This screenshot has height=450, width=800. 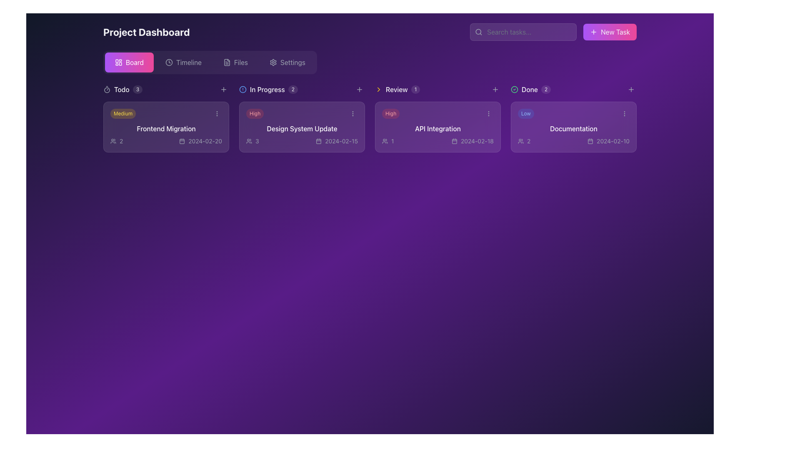 I want to click on the rectangular button with a gradient background that reads 'Board', so click(x=129, y=62).